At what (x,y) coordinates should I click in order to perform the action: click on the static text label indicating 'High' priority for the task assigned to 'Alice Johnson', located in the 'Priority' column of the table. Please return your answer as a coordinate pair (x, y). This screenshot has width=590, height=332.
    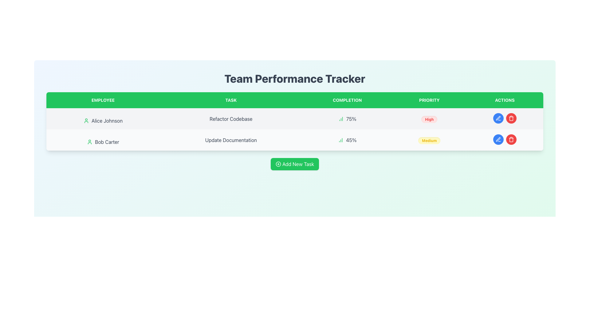
    Looking at the image, I should click on (429, 119).